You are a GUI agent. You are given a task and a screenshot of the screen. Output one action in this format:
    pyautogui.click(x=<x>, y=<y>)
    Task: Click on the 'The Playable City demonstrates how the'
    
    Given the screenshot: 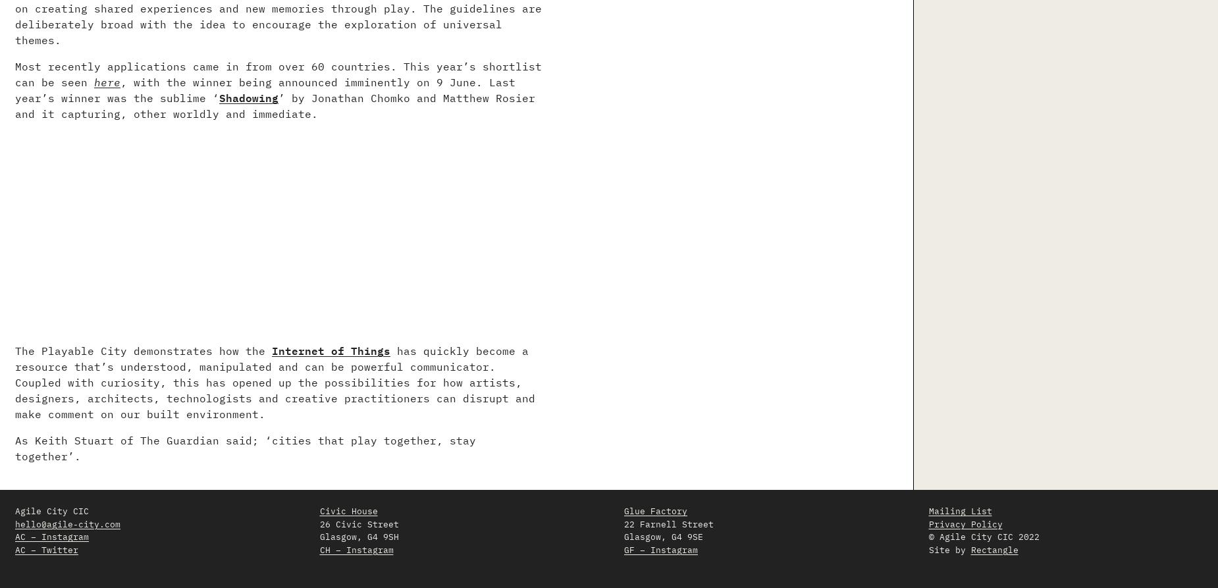 What is the action you would take?
    pyautogui.click(x=142, y=350)
    